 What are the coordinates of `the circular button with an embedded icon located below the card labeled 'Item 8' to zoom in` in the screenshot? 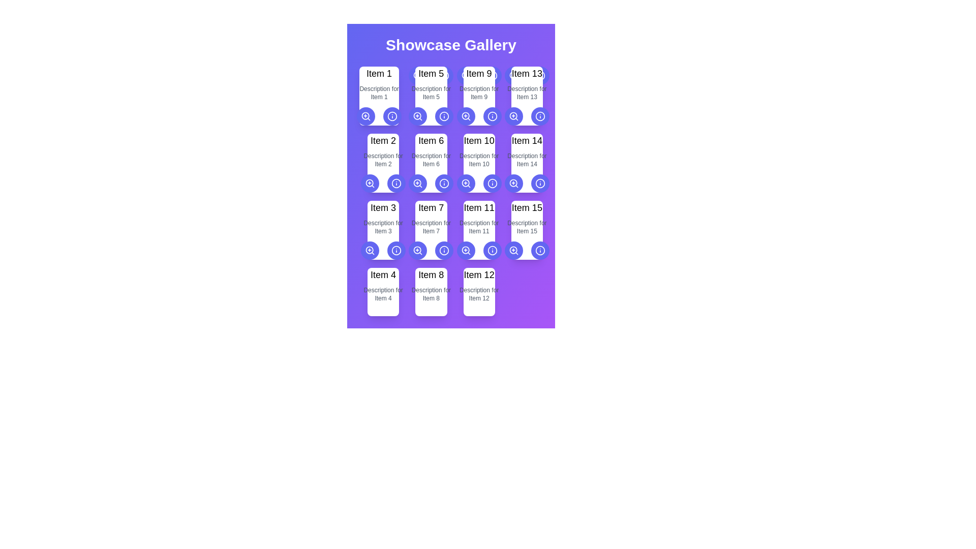 It's located at (465, 251).